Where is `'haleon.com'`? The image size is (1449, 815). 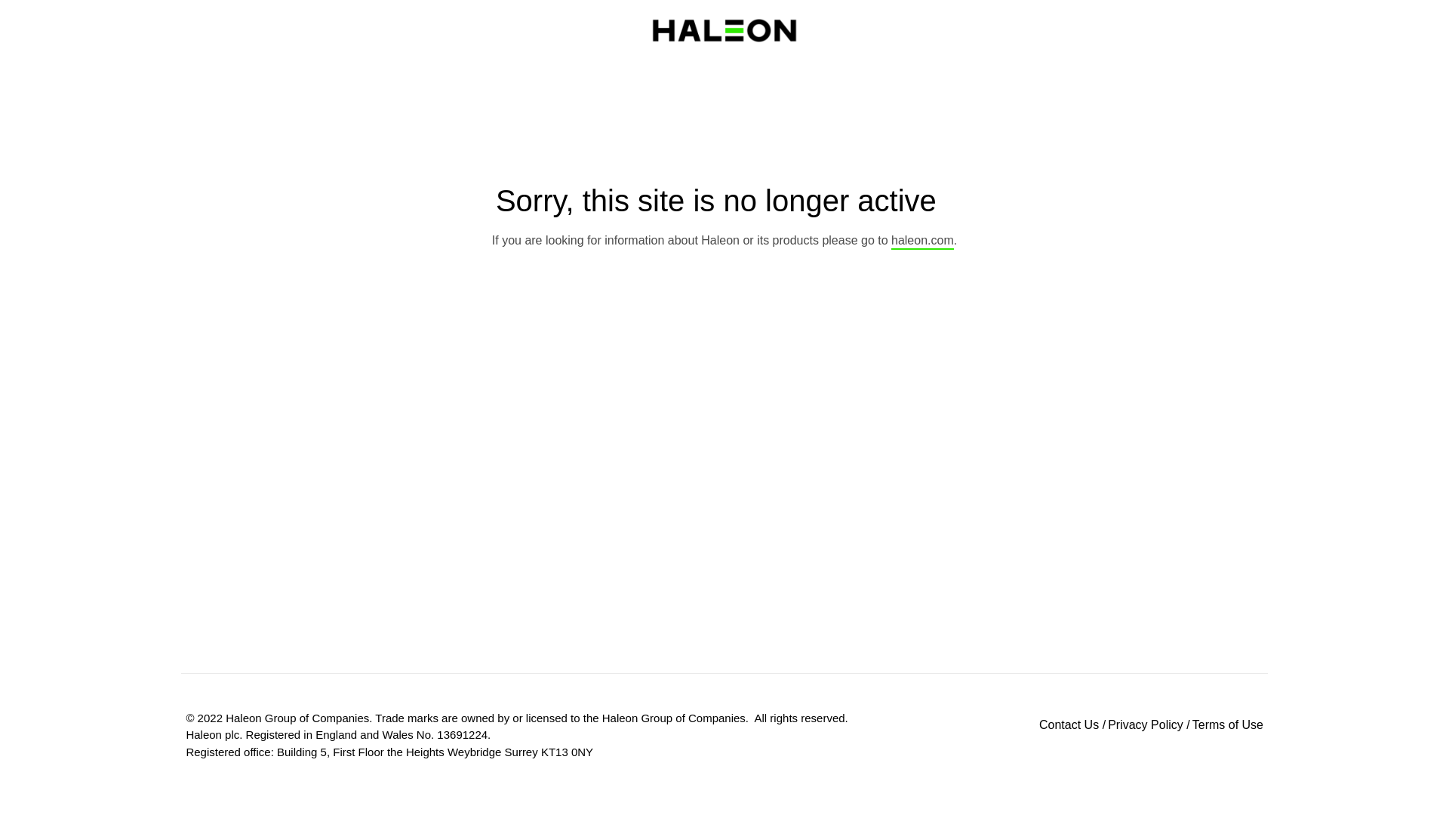 'haleon.com' is located at coordinates (921, 240).